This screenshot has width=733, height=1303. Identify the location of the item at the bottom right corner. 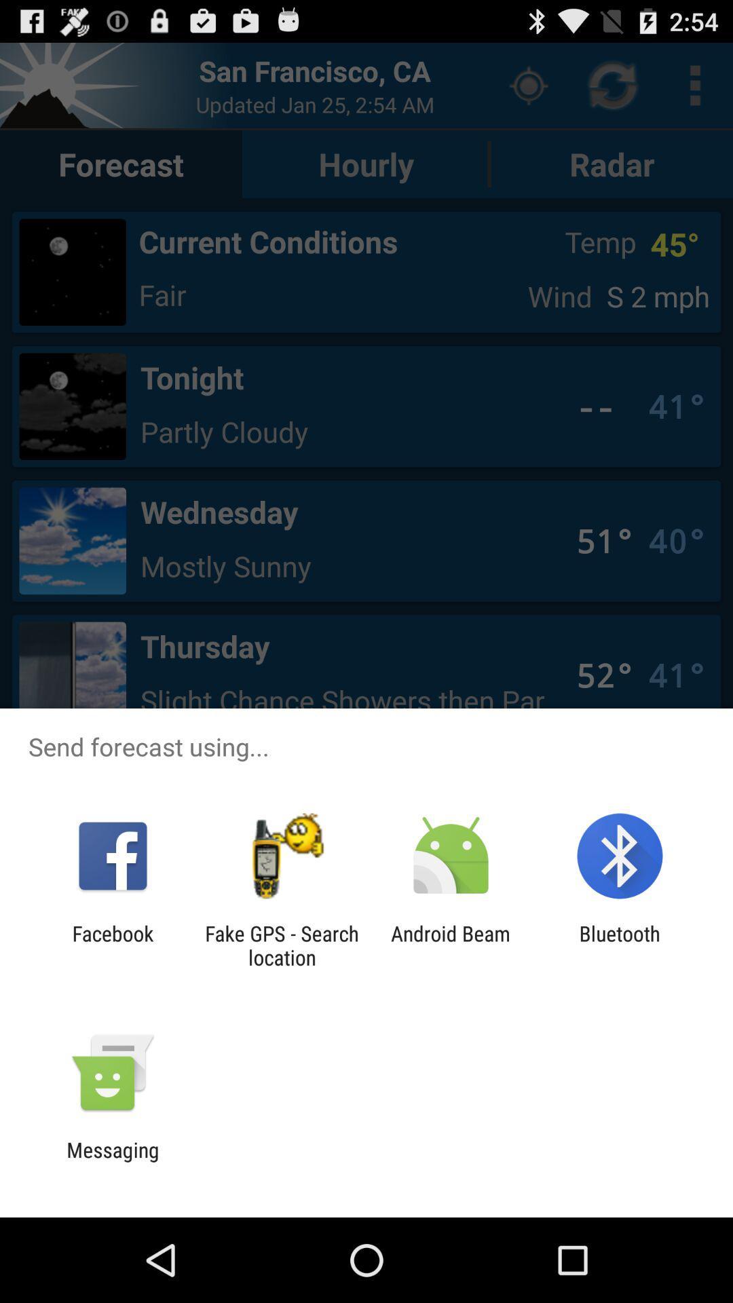
(620, 945).